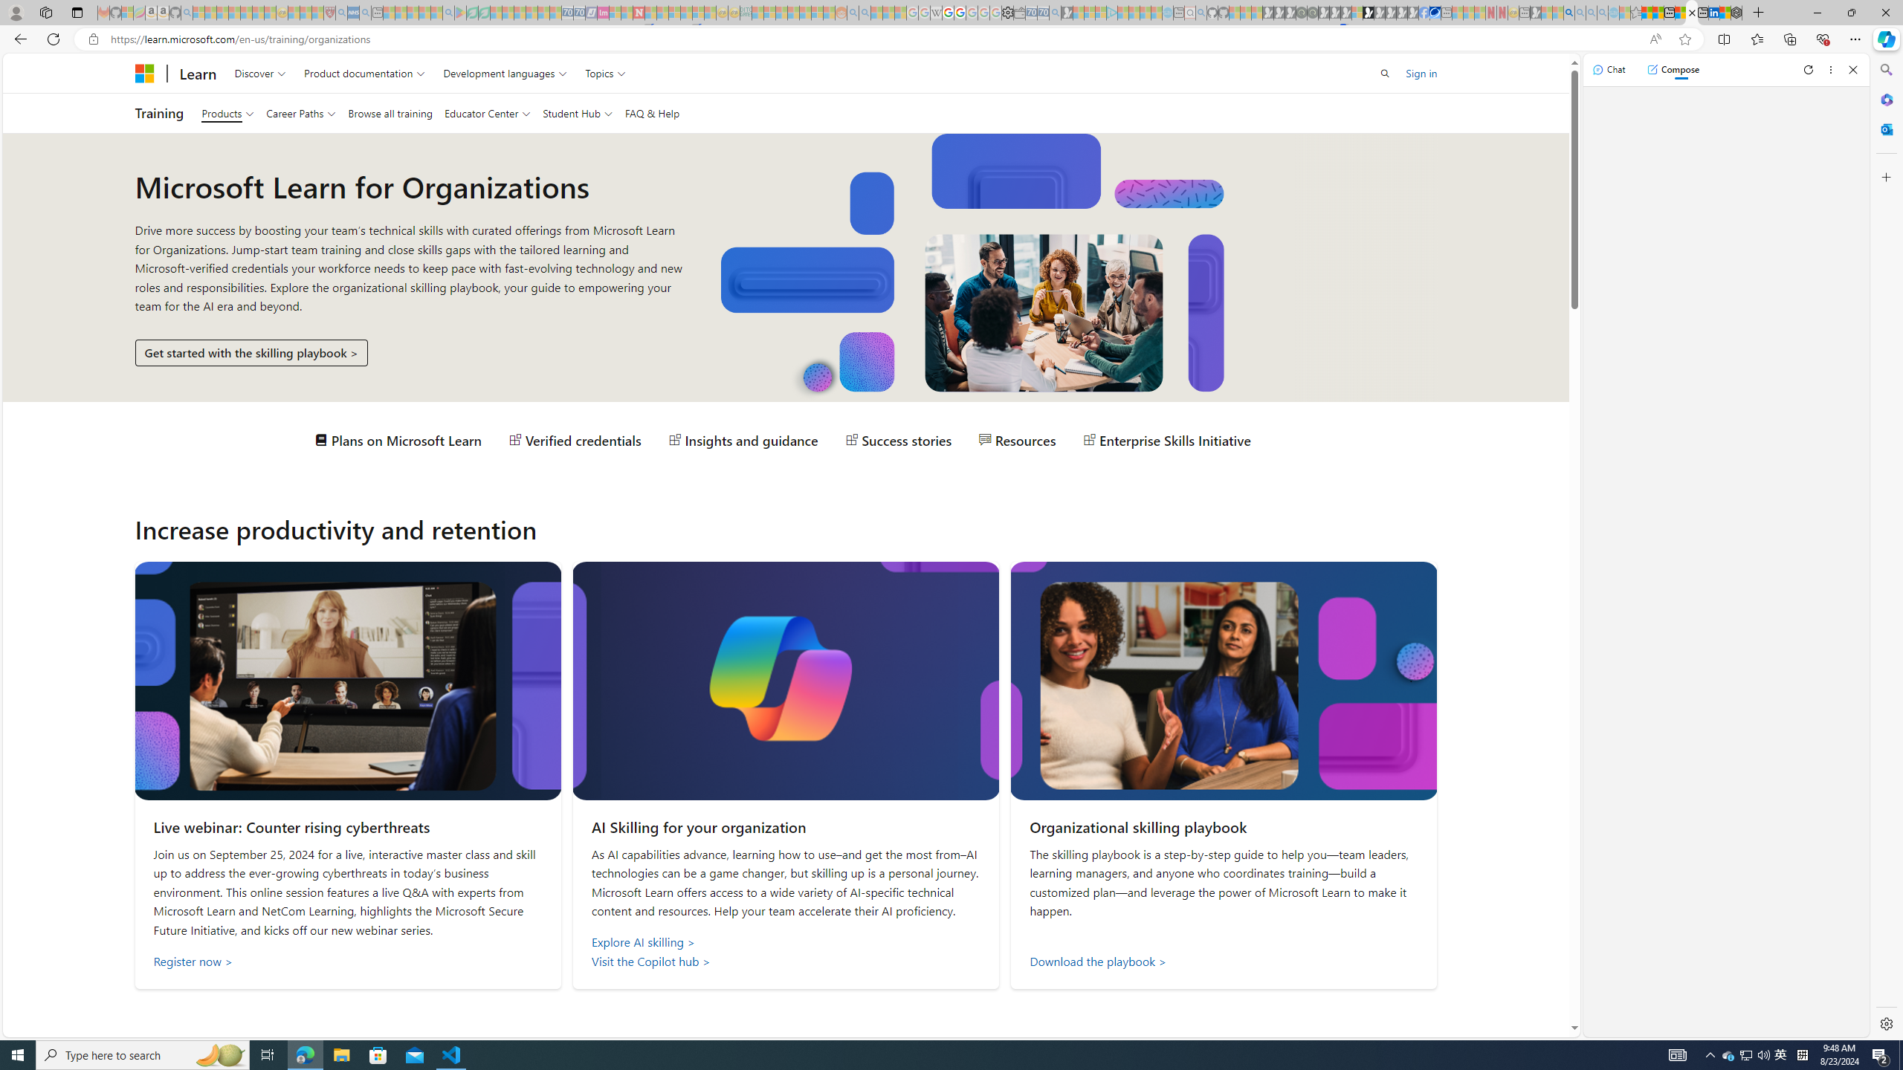 The height and width of the screenshot is (1070, 1903). Describe the element at coordinates (1435, 12) in the screenshot. I see `'AQI & Health | AirNow.gov'` at that location.